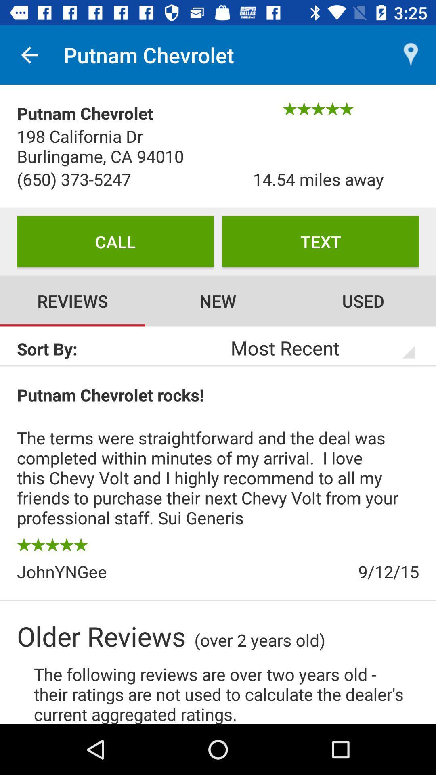 This screenshot has height=775, width=436. Describe the element at coordinates (29, 54) in the screenshot. I see `the item above the putnam chevrolet item` at that location.